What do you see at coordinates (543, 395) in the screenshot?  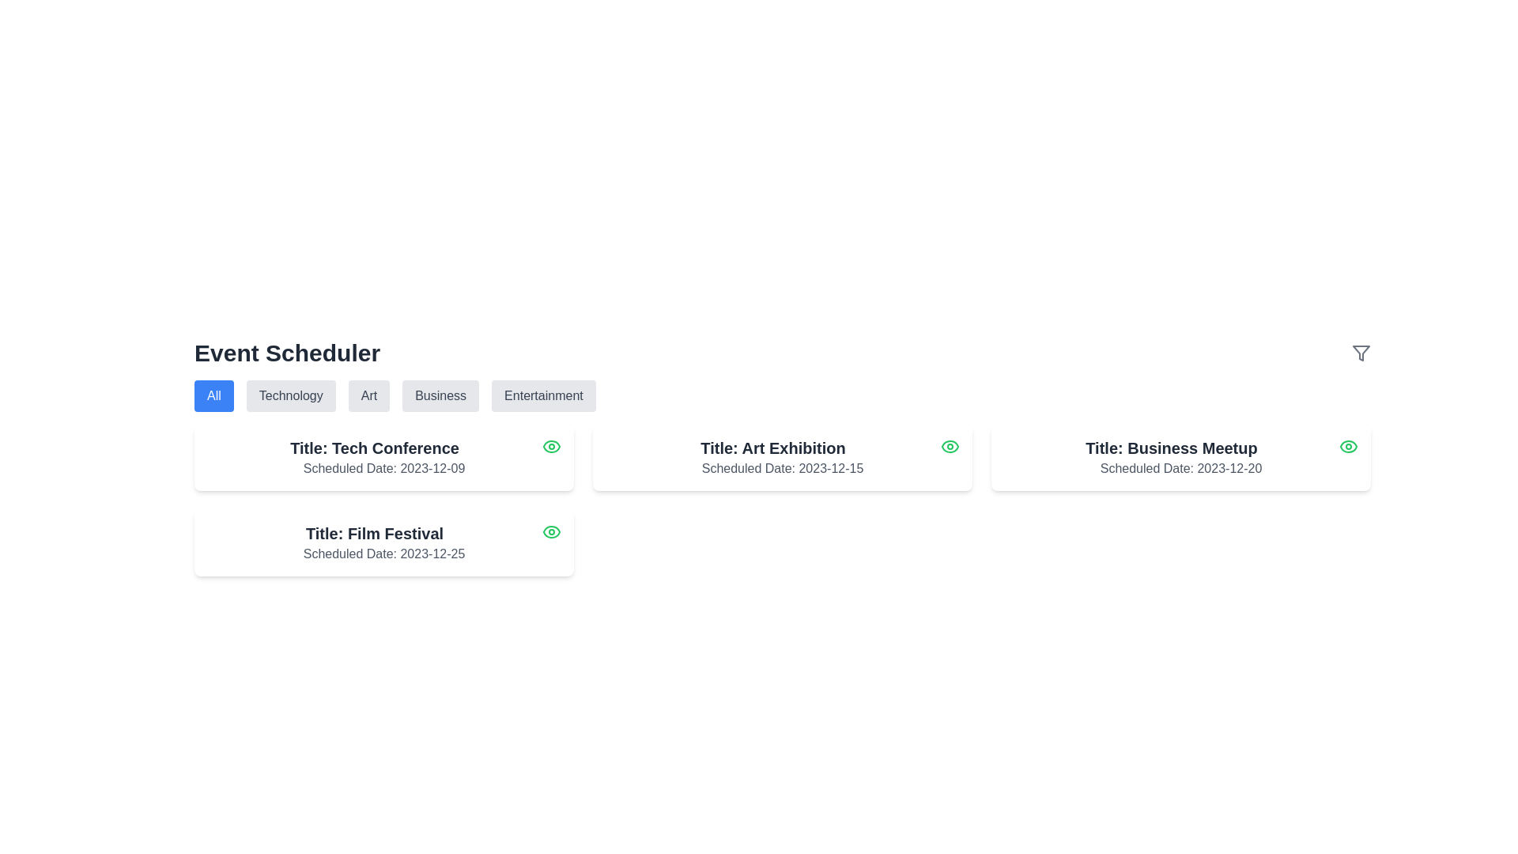 I see `the 'Entertainment' category selector button, which is the last button in a row of category buttons including 'All', 'Technology', 'Art', and 'Business'` at bounding box center [543, 395].